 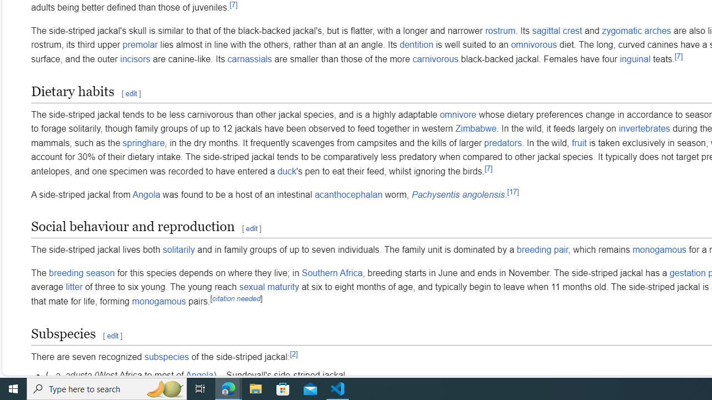 I want to click on '[2]', so click(x=294, y=354).